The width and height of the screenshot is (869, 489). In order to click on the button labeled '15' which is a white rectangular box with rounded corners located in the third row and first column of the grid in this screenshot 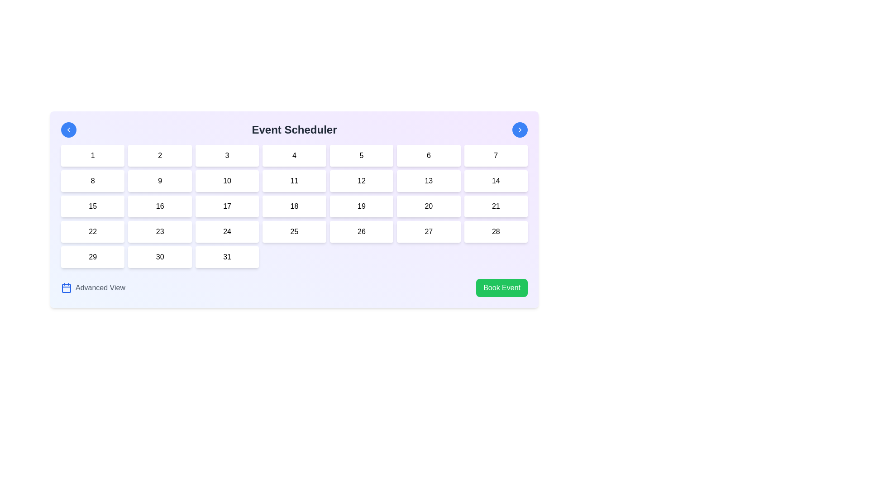, I will do `click(93, 206)`.